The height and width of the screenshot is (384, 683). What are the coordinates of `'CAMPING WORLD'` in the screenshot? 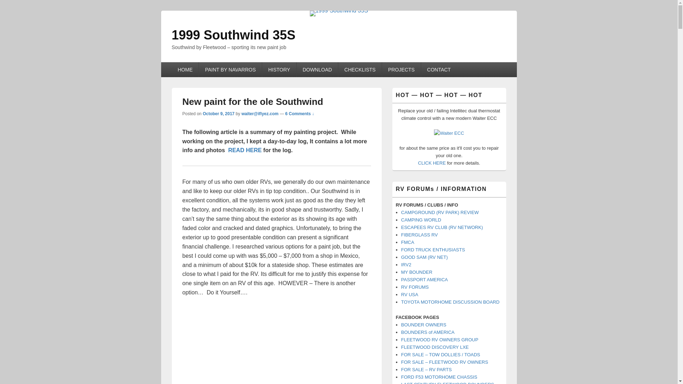 It's located at (421, 219).